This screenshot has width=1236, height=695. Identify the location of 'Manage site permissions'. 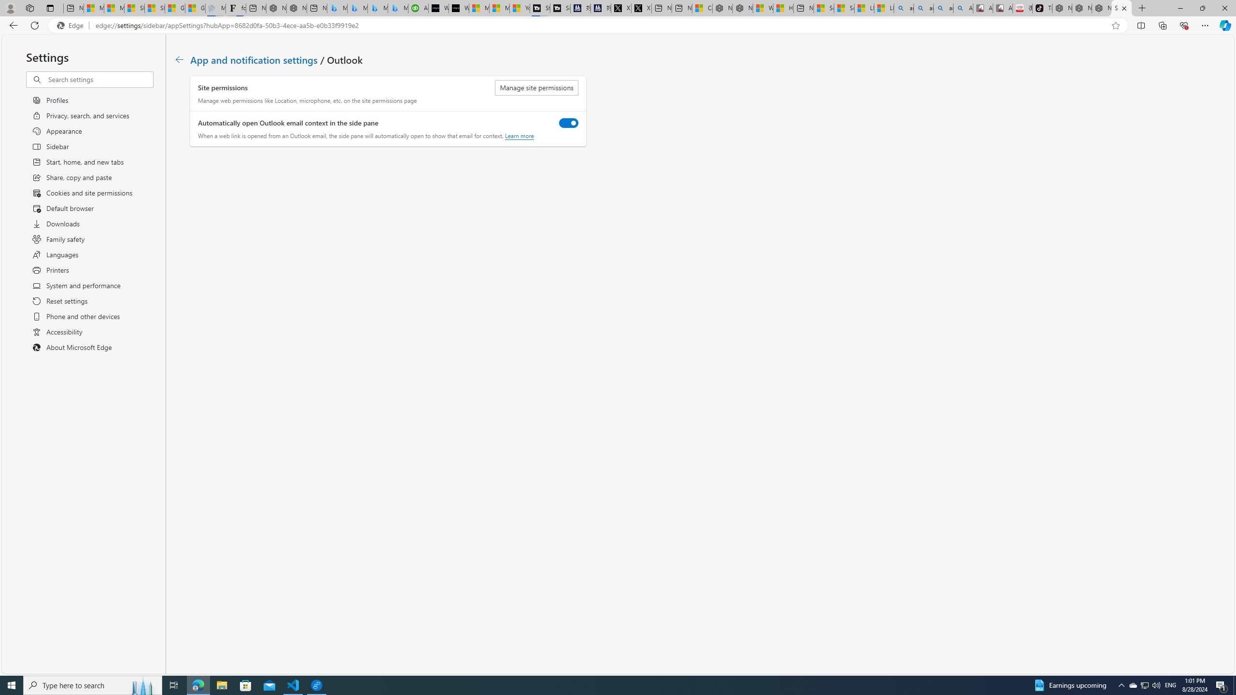
(536, 87).